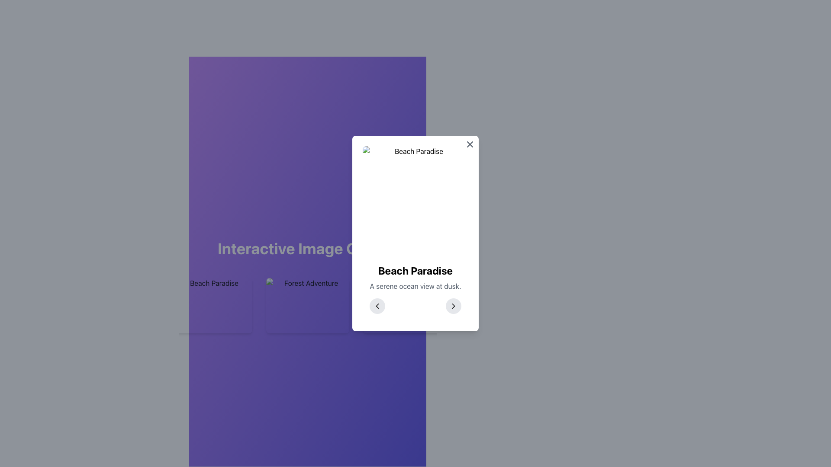 Image resolution: width=831 pixels, height=467 pixels. Describe the element at coordinates (453, 306) in the screenshot. I see `the navigation button located on the right side of the modal window` at that location.